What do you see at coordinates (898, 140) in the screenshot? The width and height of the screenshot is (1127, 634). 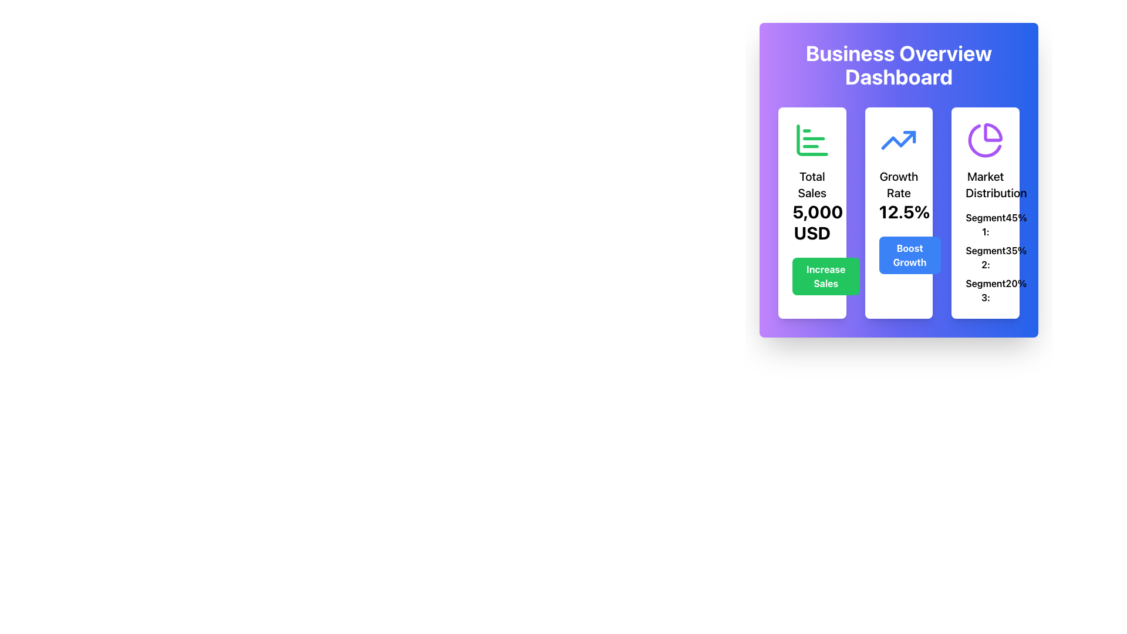 I see `the blue upwards-trending line graph icon located in the middle card titled 'Growth Rate', which is situated above the text 'Growth Rate'` at bounding box center [898, 140].